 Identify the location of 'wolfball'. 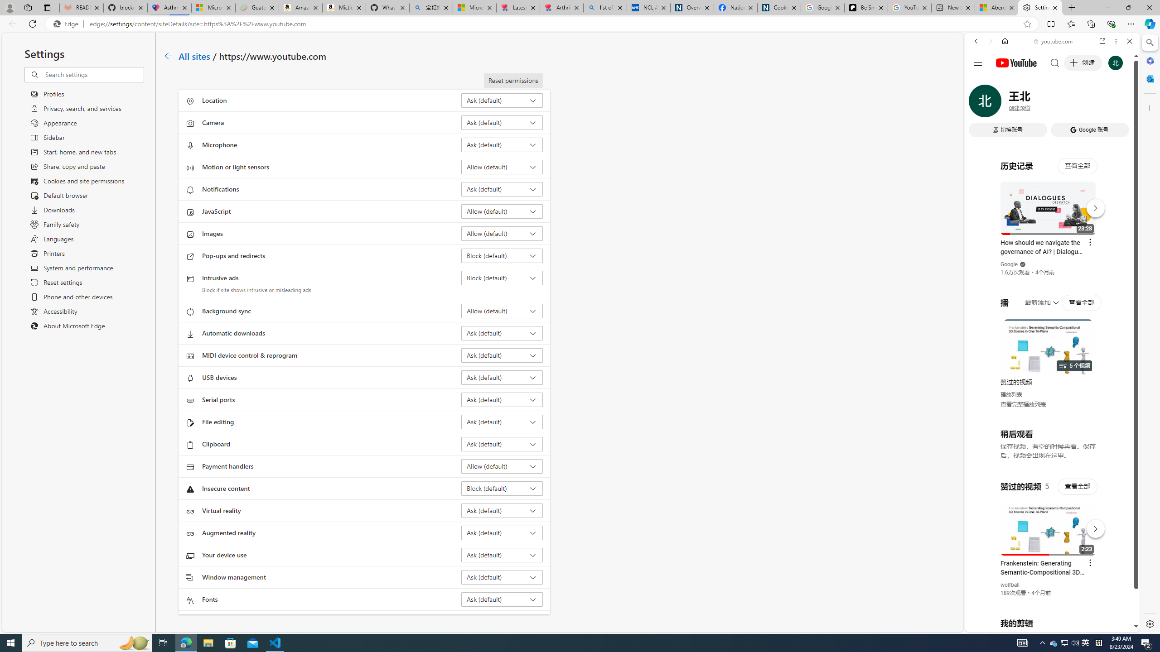
(1010, 584).